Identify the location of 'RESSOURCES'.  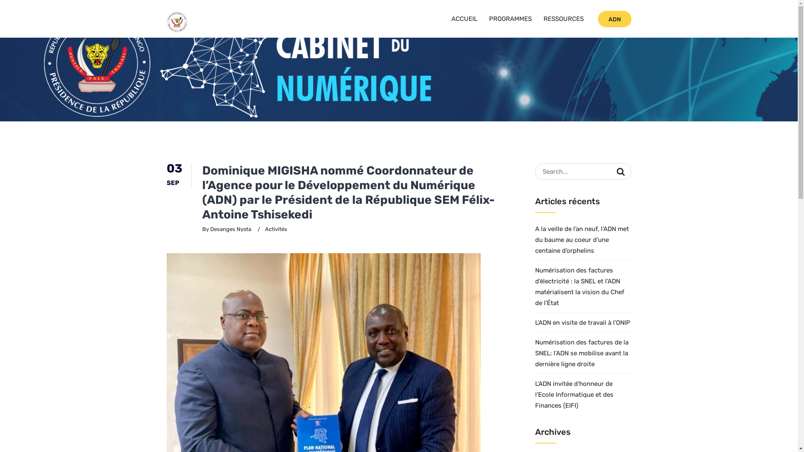
(563, 19).